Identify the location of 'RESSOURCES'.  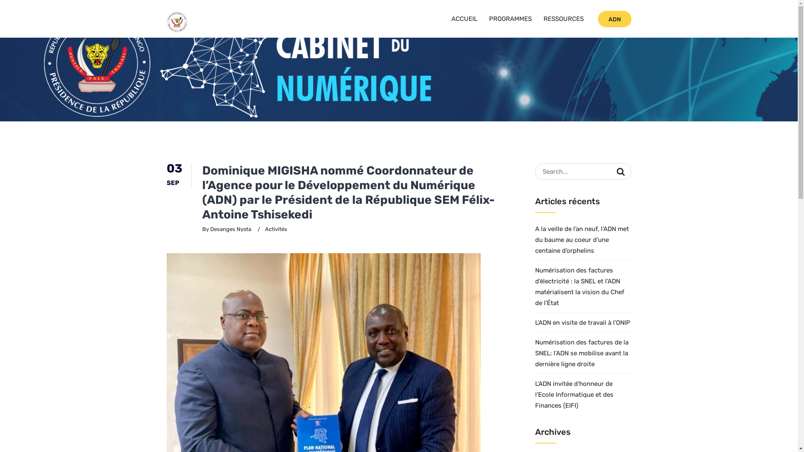
(563, 19).